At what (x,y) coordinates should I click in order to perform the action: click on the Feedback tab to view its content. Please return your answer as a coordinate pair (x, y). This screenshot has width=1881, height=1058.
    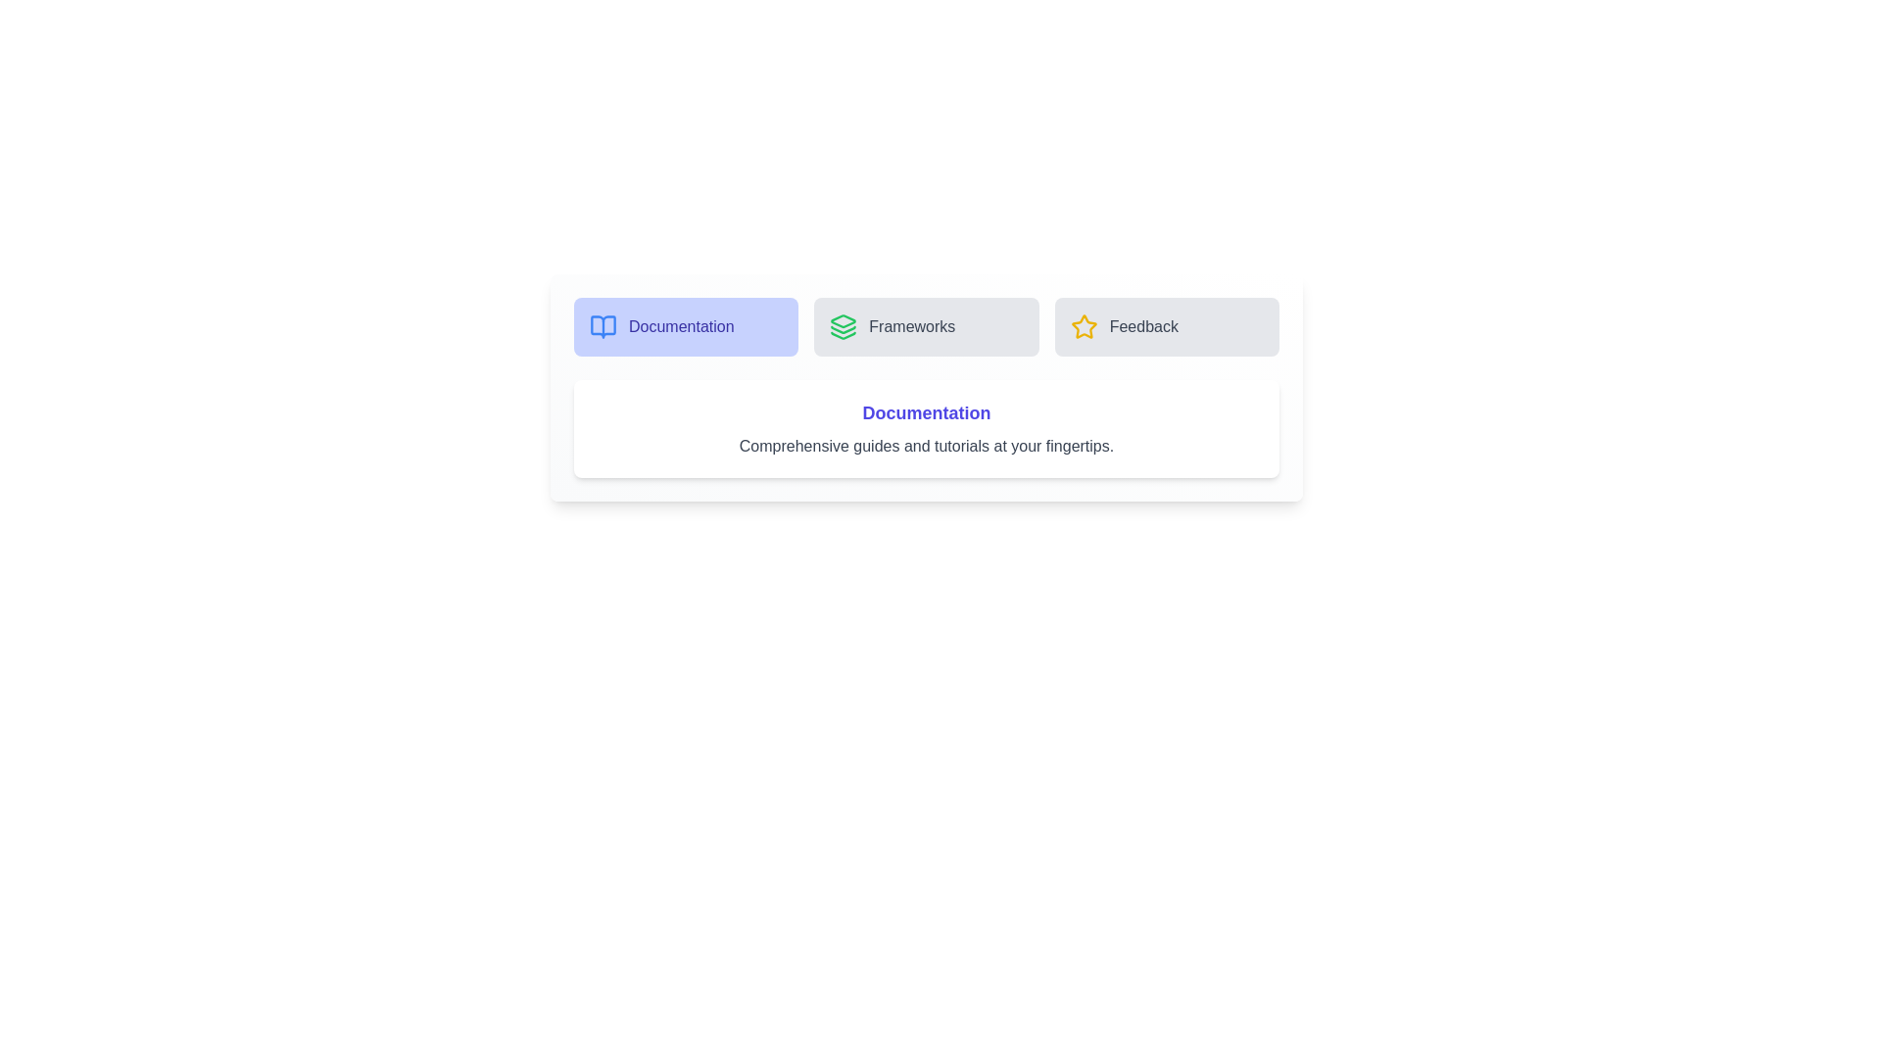
    Looking at the image, I should click on (1167, 326).